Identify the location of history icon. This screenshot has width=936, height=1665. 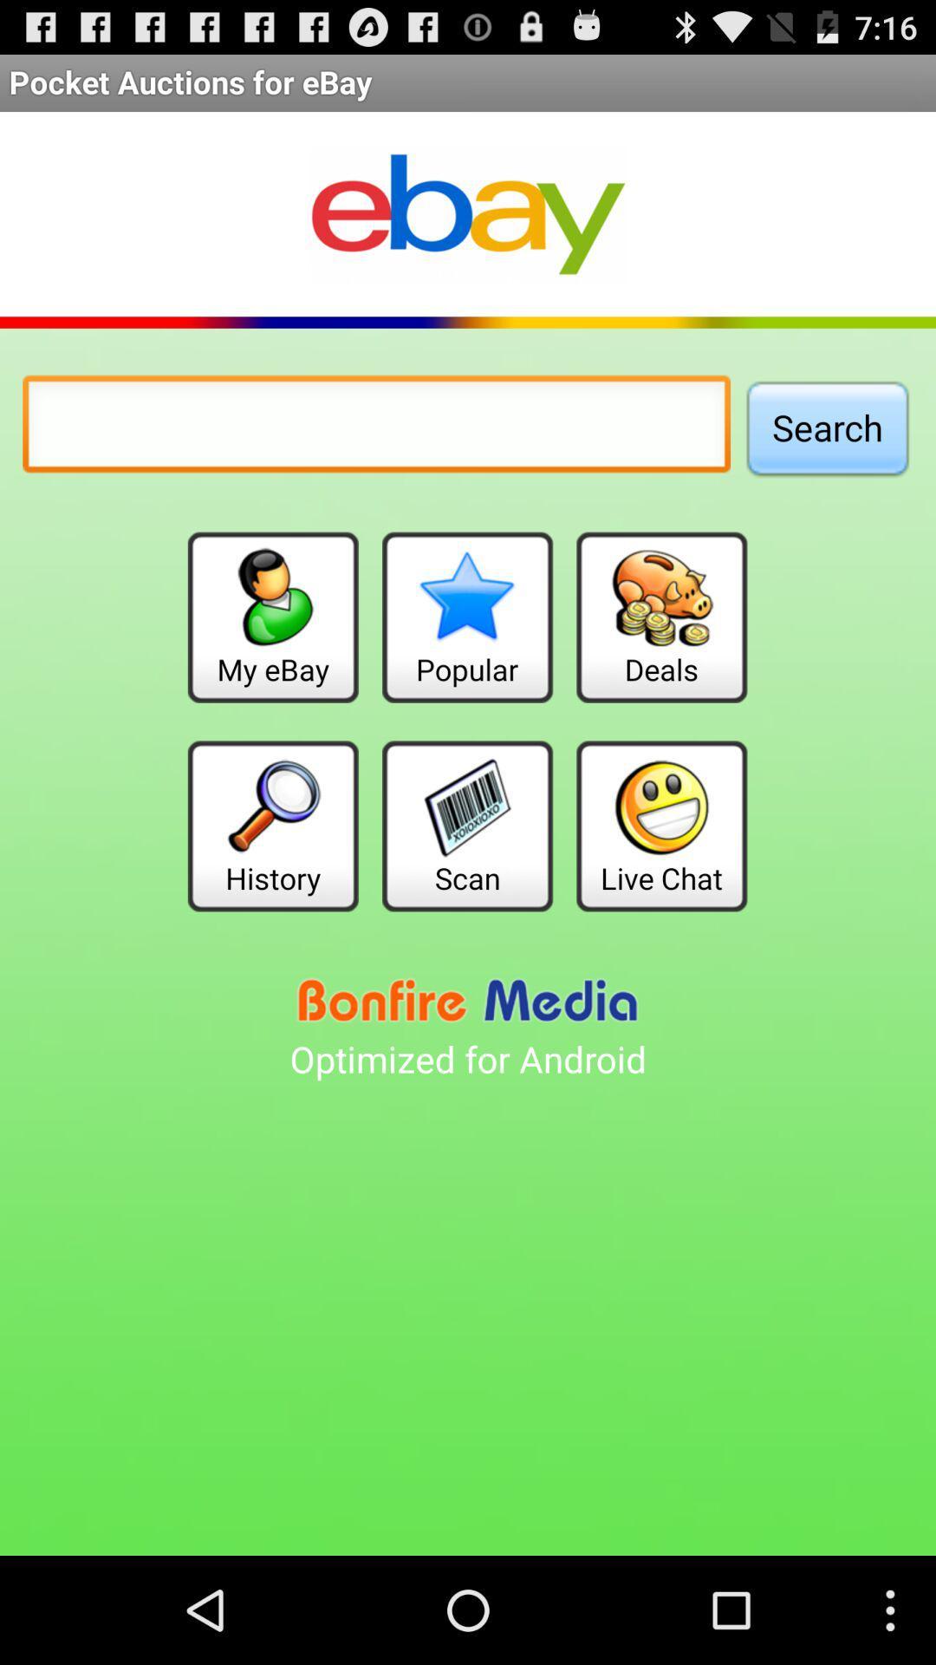
(273, 825).